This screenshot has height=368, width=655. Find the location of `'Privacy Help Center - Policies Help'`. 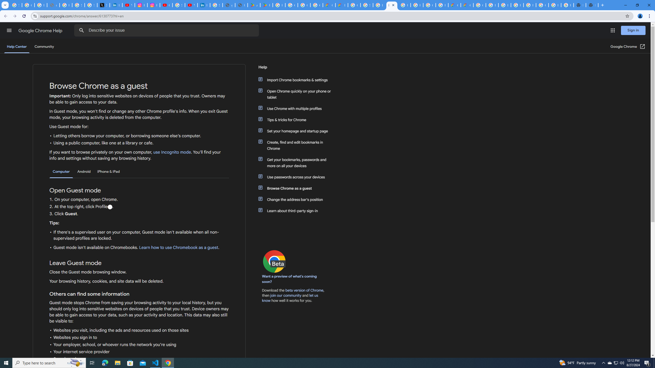

'Privacy Help Center - Policies Help' is located at coordinates (66, 5).